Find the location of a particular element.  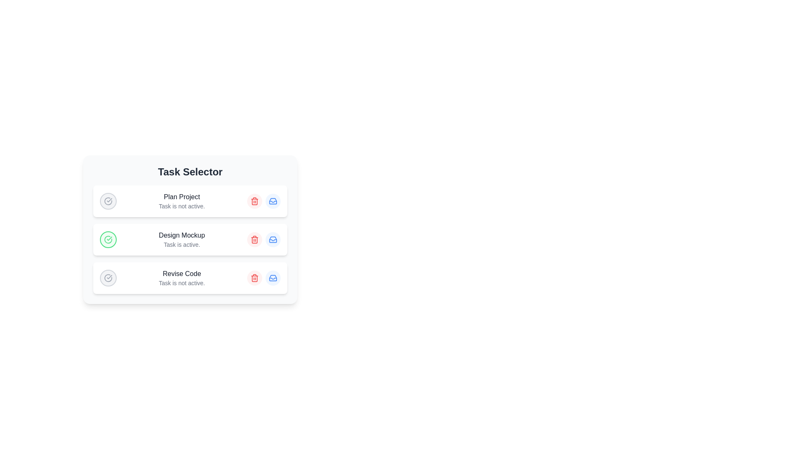

the inbox icon located on the right side of the third row in the vertically arranged button group is located at coordinates (273, 278).